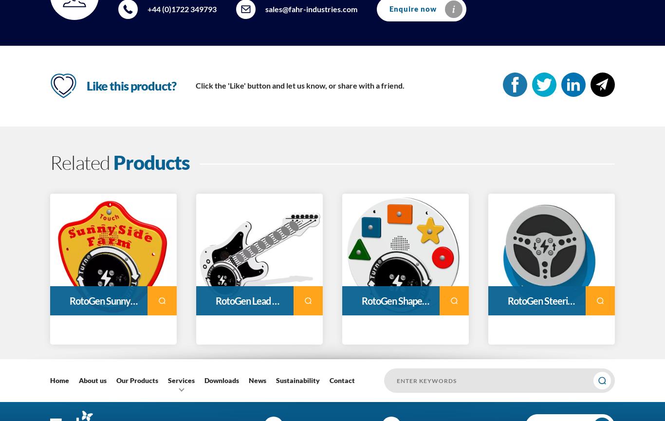  I want to click on 'Enquire now', so click(412, 8).